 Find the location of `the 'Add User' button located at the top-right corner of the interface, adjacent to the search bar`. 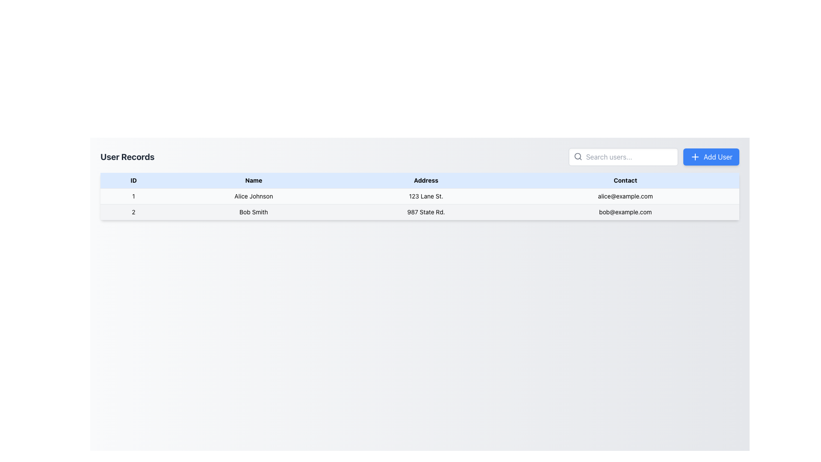

the 'Add User' button located at the top-right corner of the interface, adjacent to the search bar is located at coordinates (711, 157).